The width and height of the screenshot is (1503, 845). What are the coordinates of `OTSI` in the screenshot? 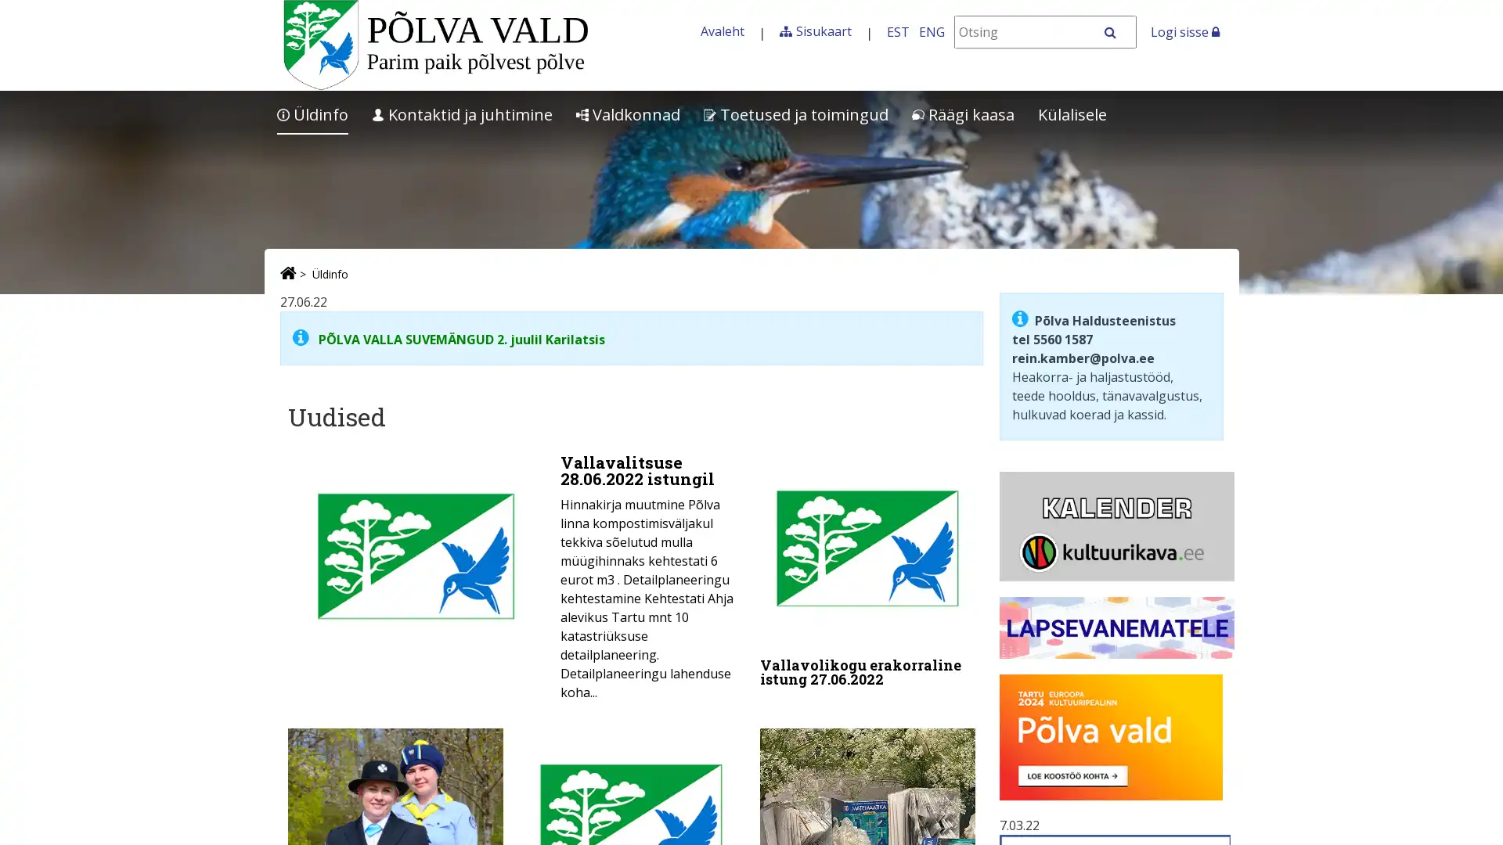 It's located at (1118, 32).